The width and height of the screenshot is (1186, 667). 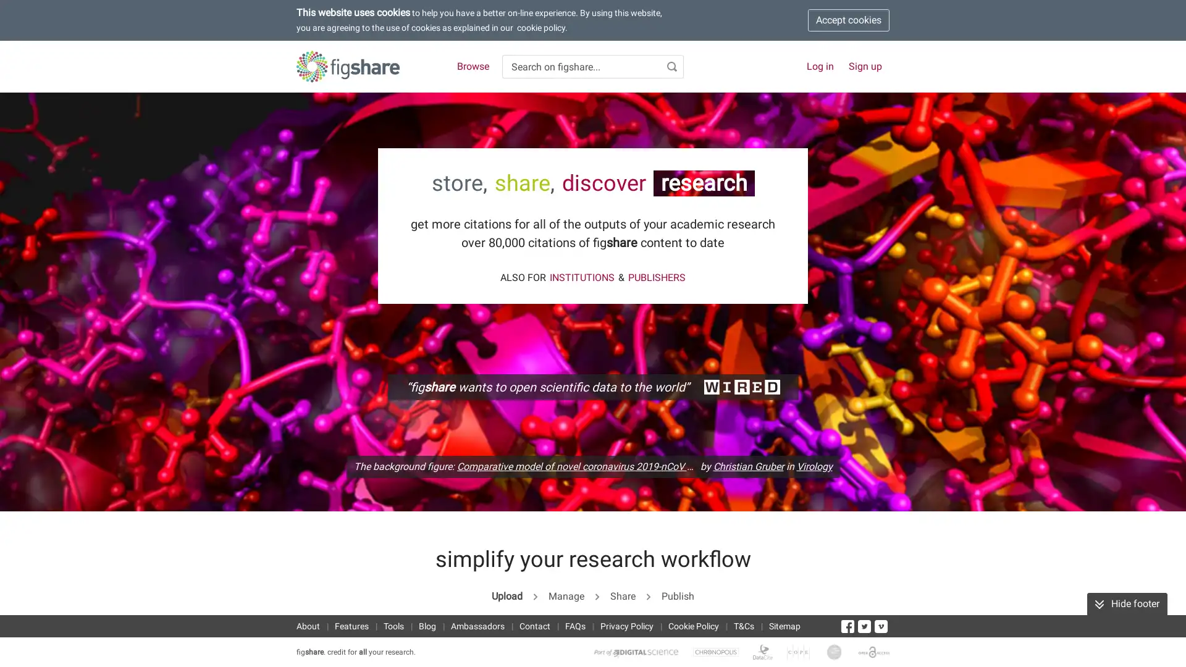 I want to click on Publish, so click(x=677, y=595).